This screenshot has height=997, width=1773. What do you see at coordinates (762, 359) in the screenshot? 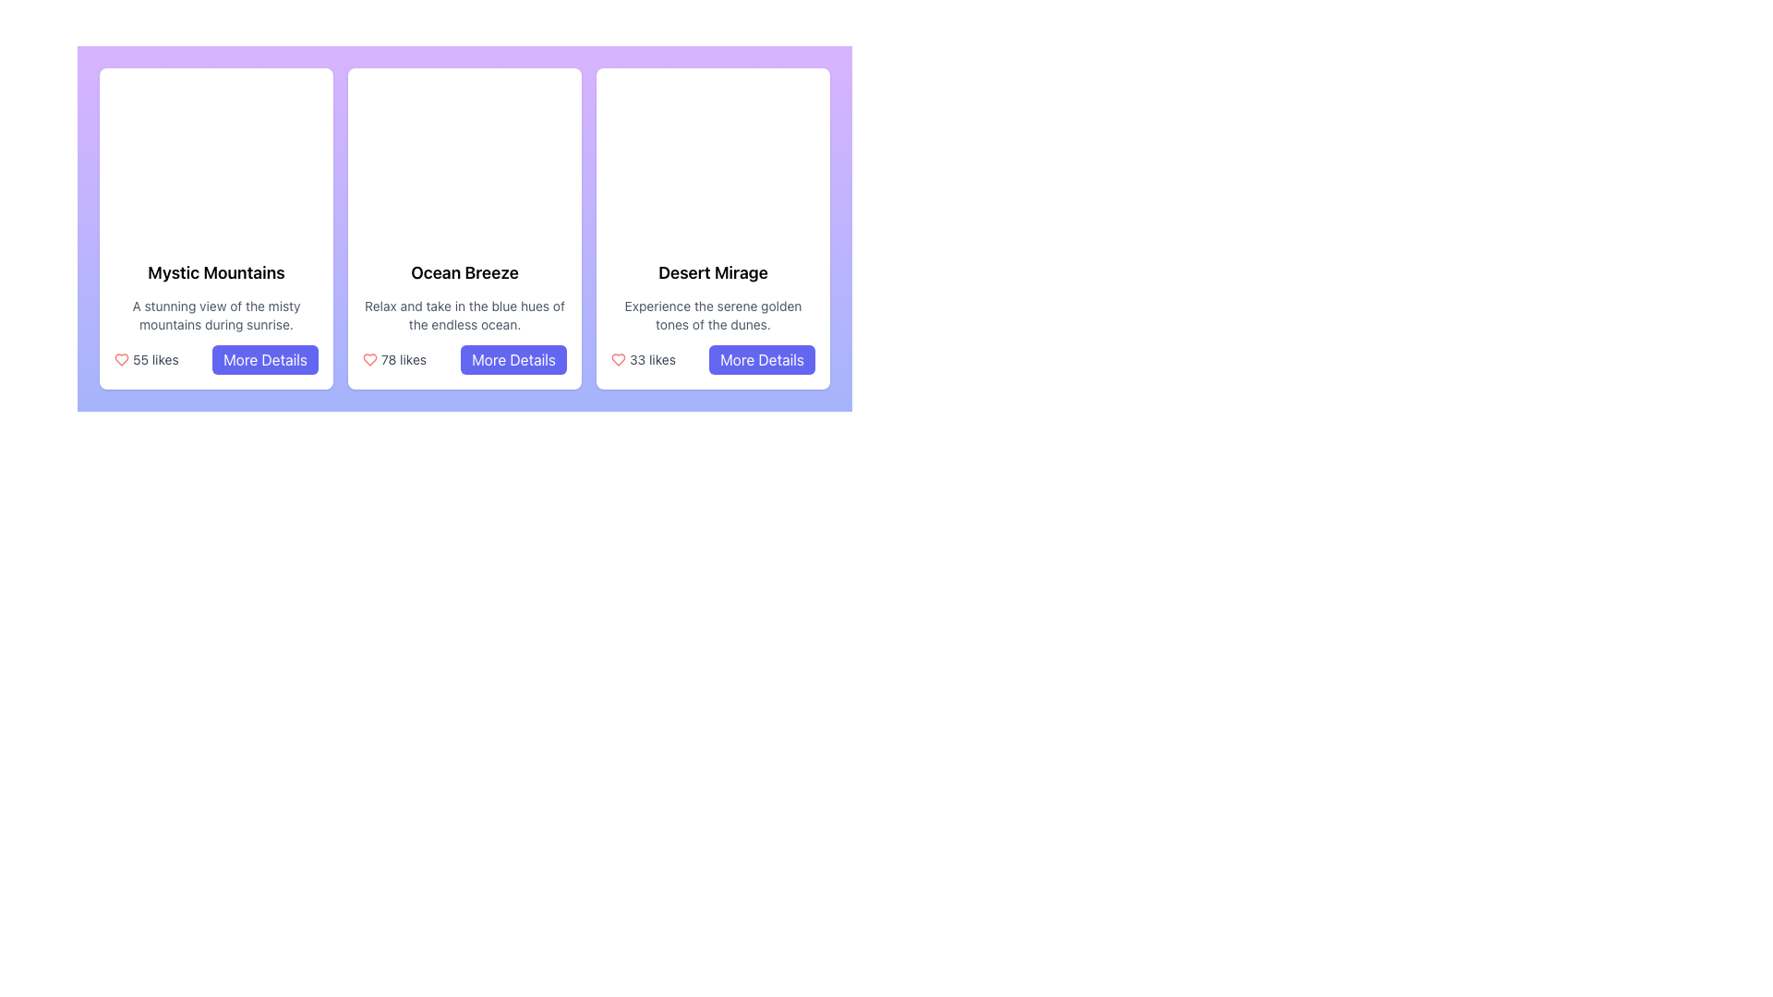
I see `the button located in the lower-right corner of the 'Desert Mirage' card to observe the style change` at bounding box center [762, 359].